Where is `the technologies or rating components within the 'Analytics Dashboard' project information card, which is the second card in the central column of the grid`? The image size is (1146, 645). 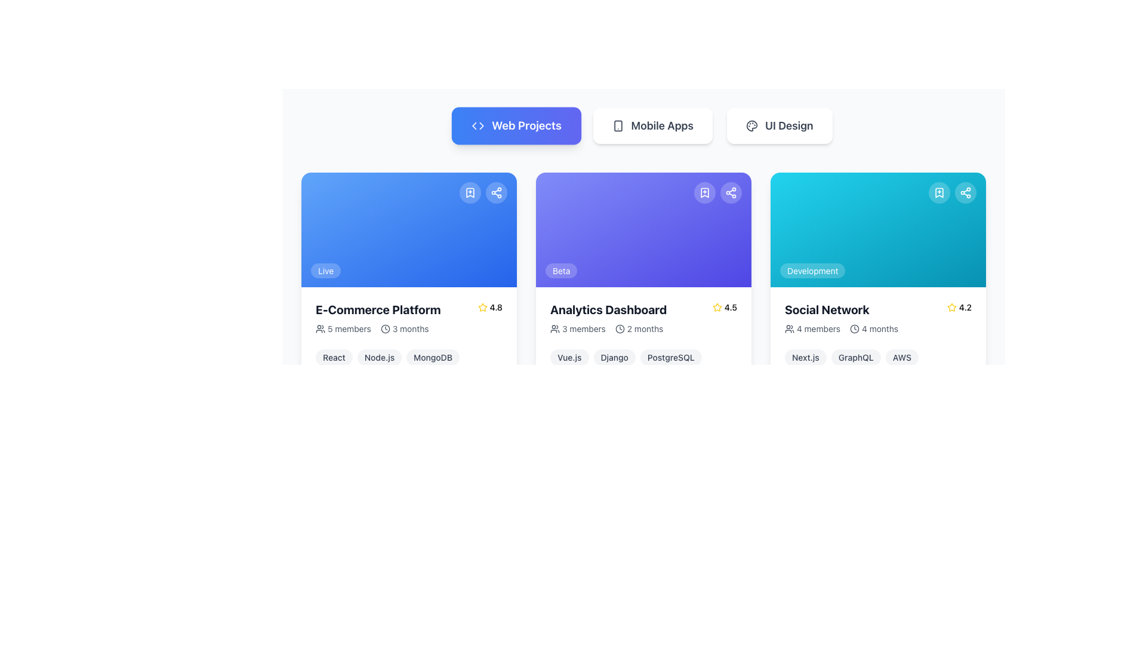
the technologies or rating components within the 'Analytics Dashboard' project information card, which is the second card in the central column of the grid is located at coordinates (643, 297).